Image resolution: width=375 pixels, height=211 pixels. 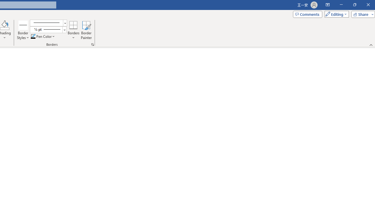 I want to click on 'Border Styles', so click(x=23, y=30).